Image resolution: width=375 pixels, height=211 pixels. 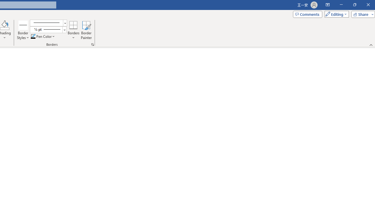 I want to click on 'Border Styles', so click(x=23, y=30).